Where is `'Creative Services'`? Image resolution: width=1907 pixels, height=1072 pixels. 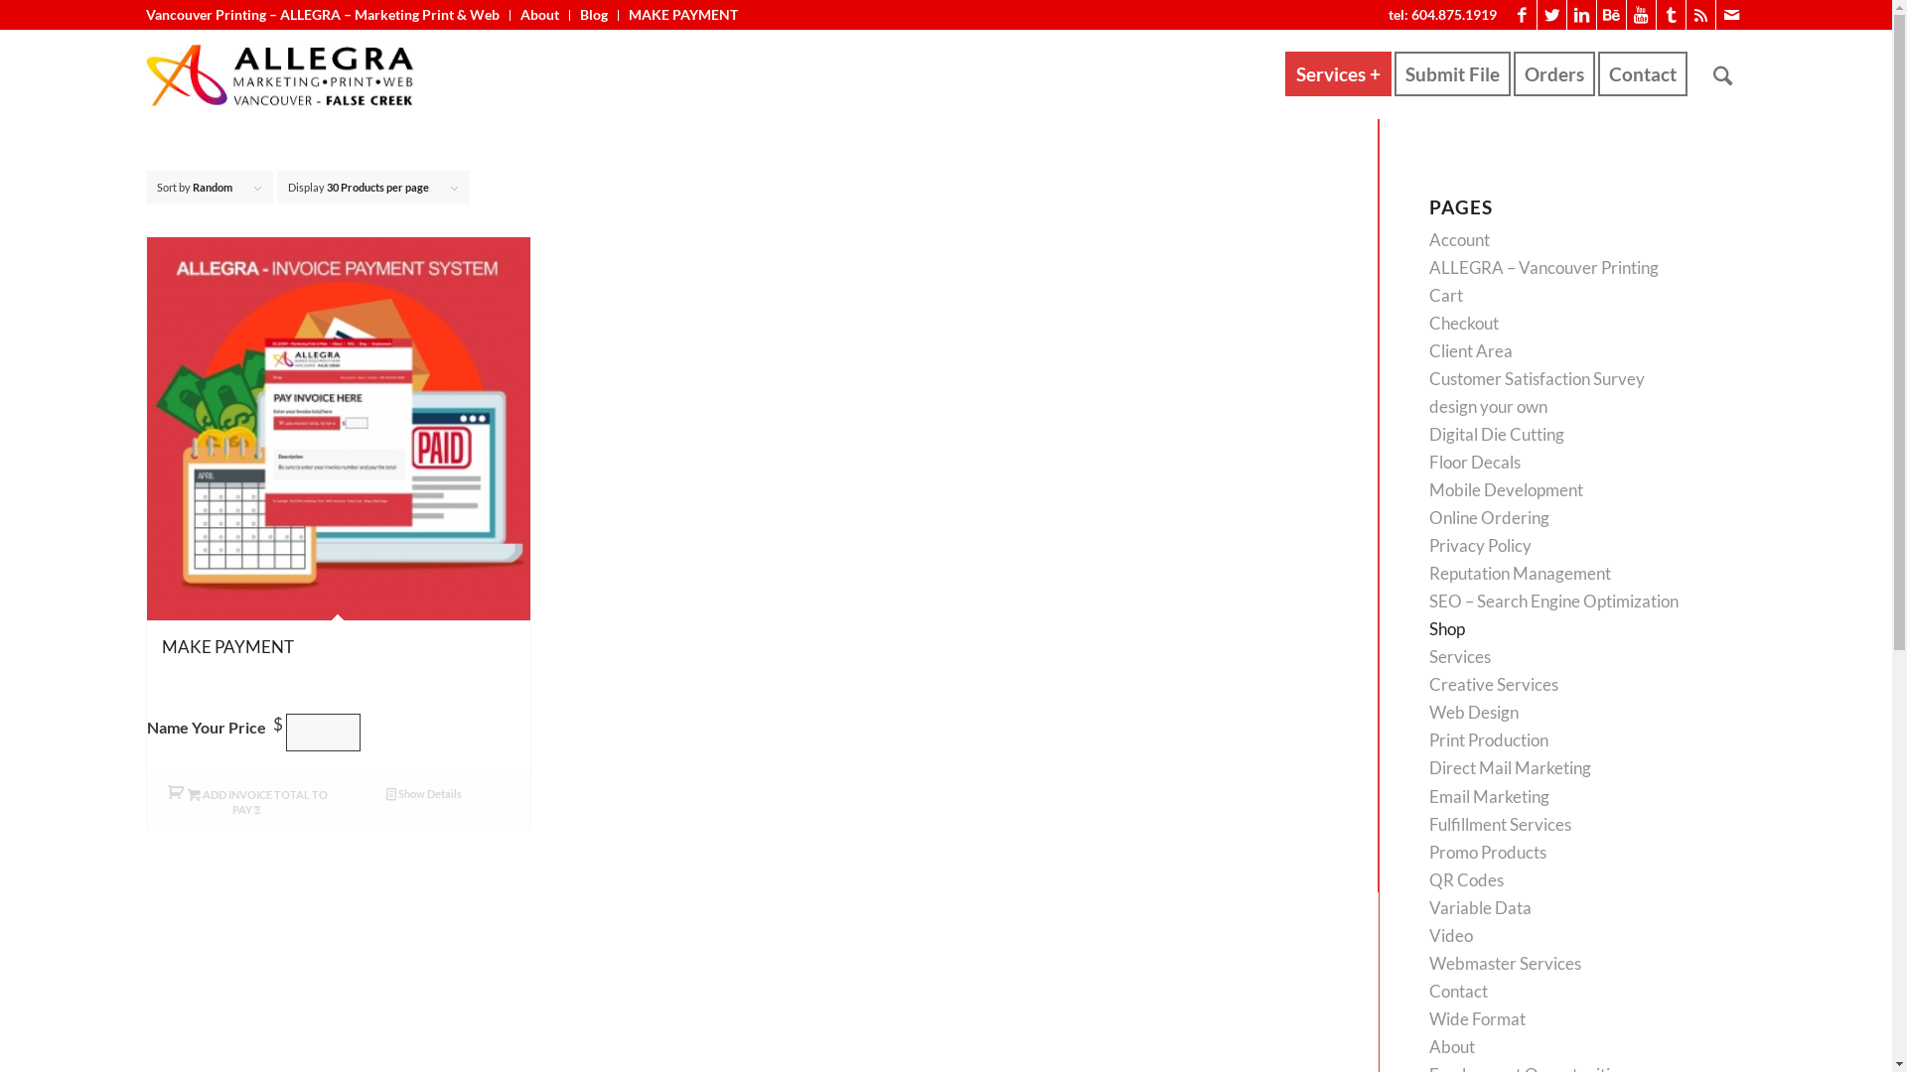 'Creative Services' is located at coordinates (1428, 683).